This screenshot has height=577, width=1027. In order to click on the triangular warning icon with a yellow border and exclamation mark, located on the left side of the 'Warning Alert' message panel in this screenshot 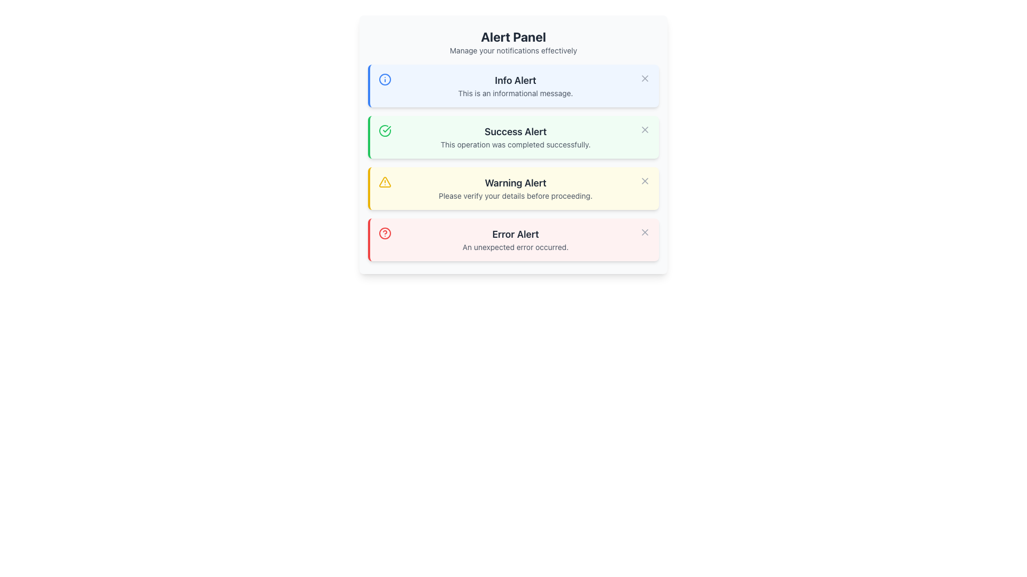, I will do `click(385, 181)`.